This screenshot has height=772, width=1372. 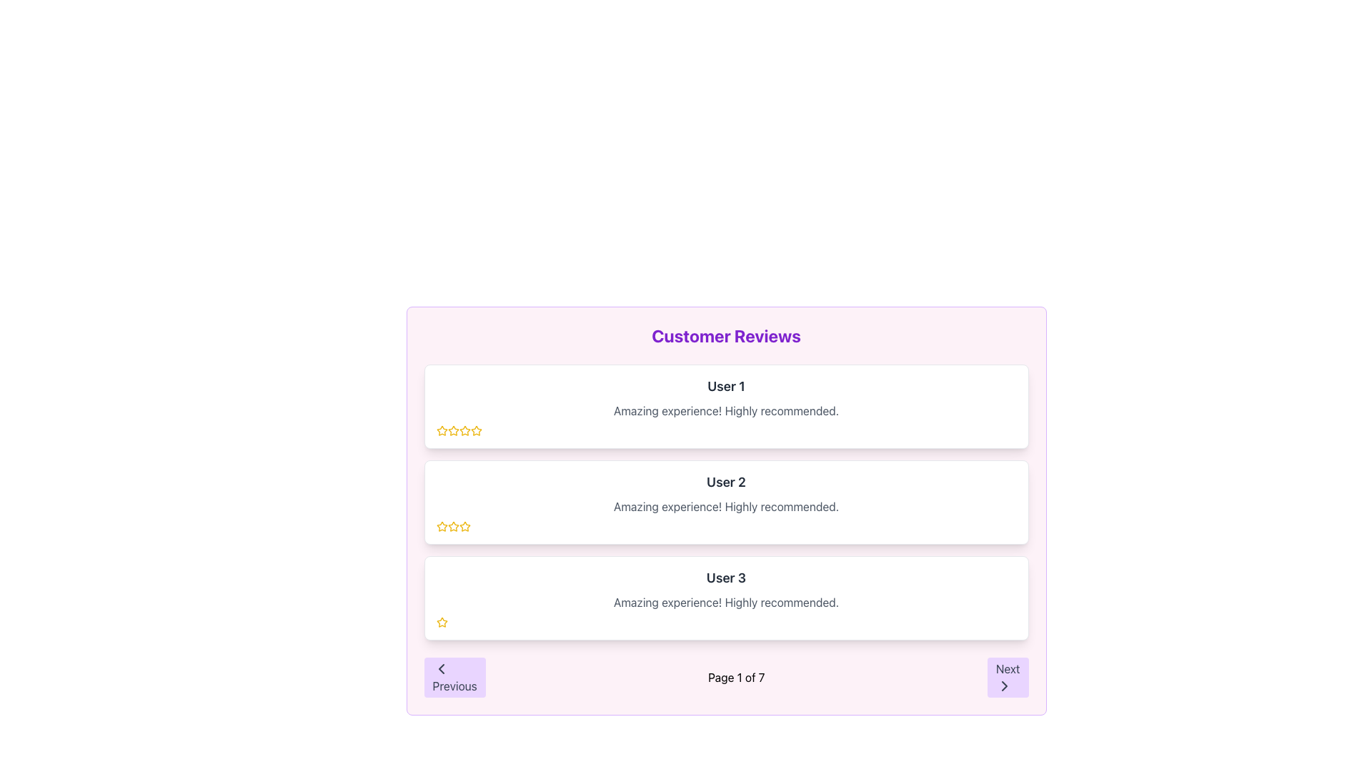 What do you see at coordinates (454, 677) in the screenshot?
I see `the 'Previous' button, which has a light purple background, rounded corners, and a left arrow icon, located at the bottom left of the navigation section` at bounding box center [454, 677].